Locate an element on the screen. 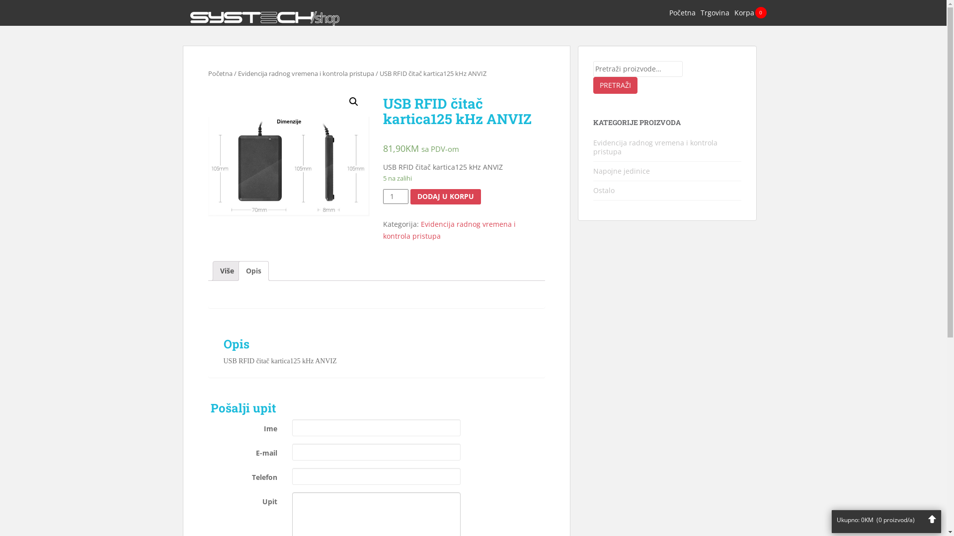  'Untitled-1' is located at coordinates (288, 166).